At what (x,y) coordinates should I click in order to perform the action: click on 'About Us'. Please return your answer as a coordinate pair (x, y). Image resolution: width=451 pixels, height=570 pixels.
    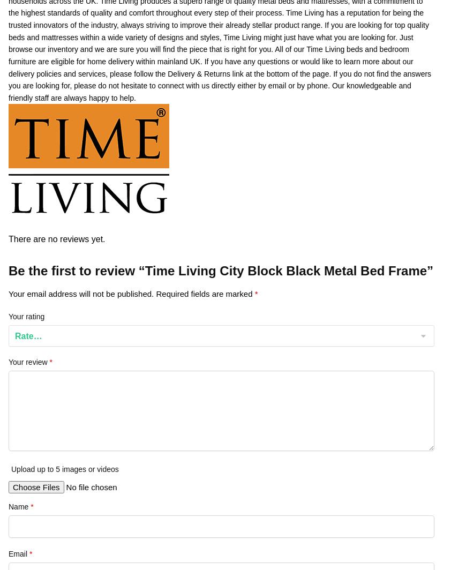
    Looking at the image, I should click on (24, 186).